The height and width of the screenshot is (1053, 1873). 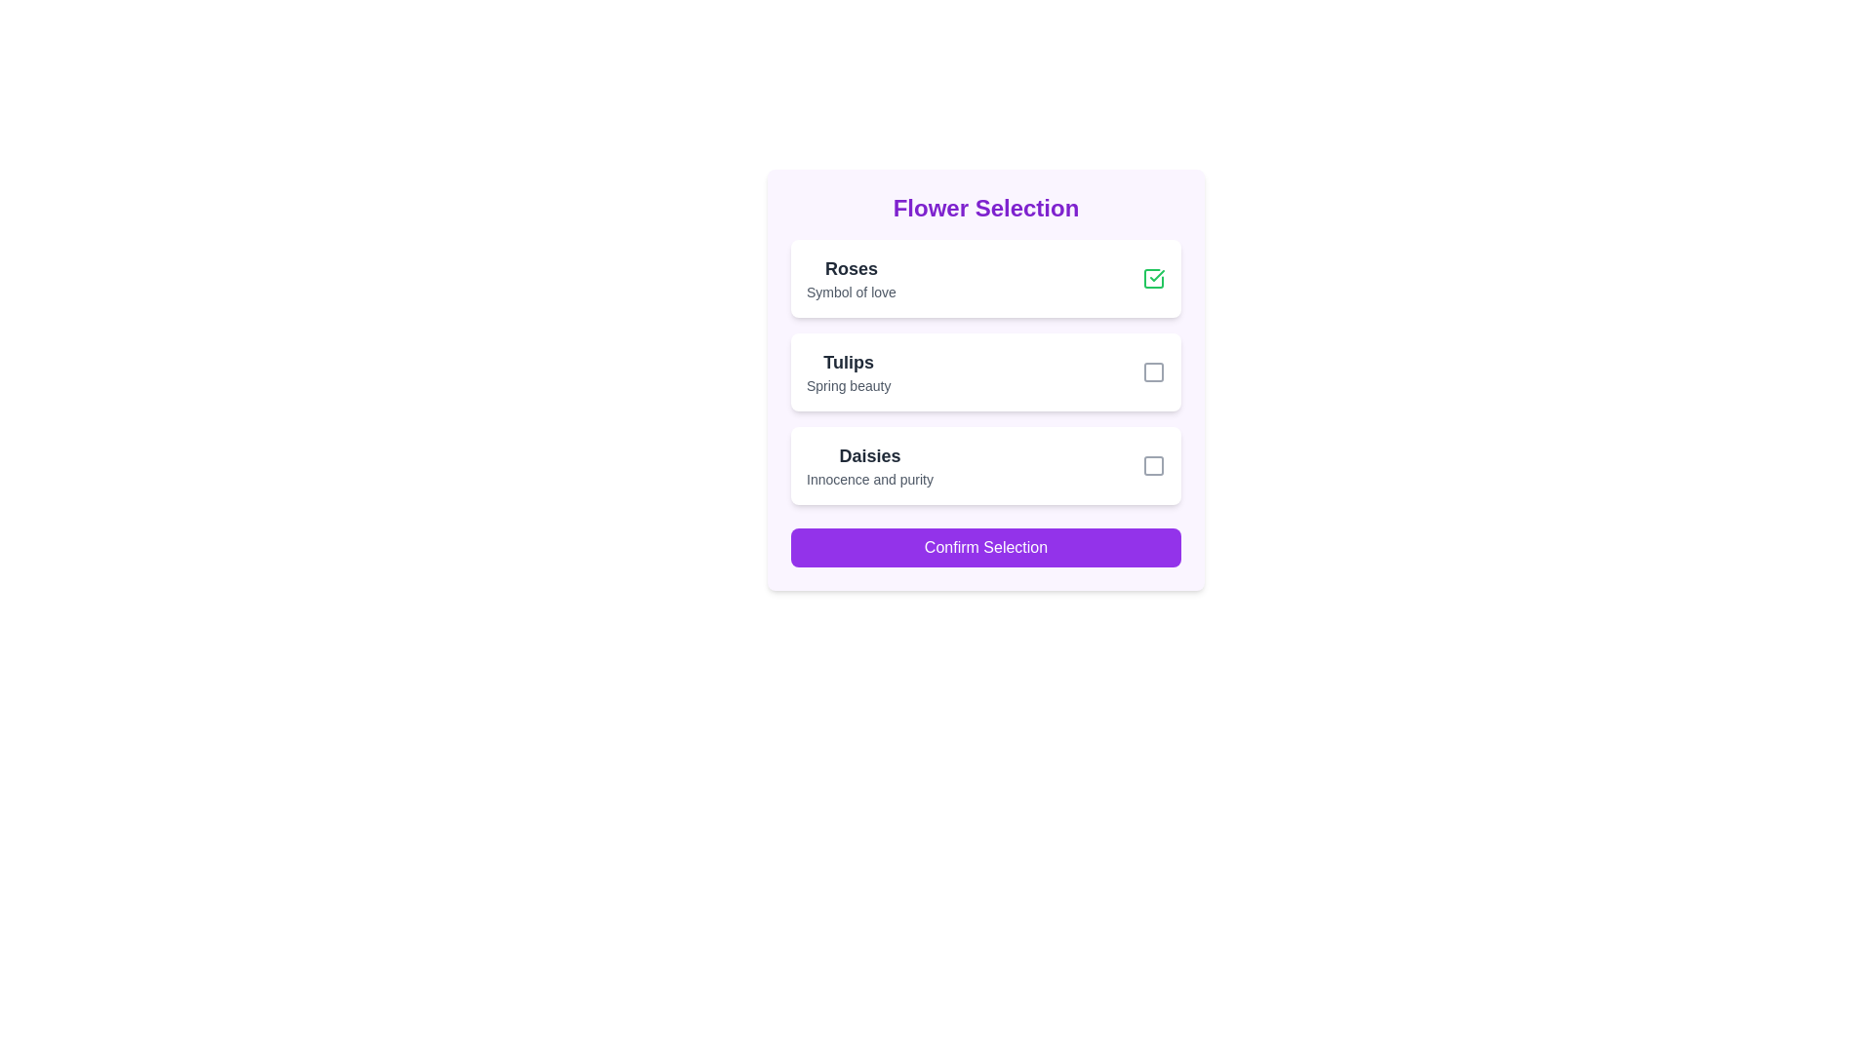 What do you see at coordinates (986, 466) in the screenshot?
I see `the selectable option for 'Daisies', which is the last item in a vertical list of selections, positioned between 'Tulips' and the 'Confirm Selection' button` at bounding box center [986, 466].